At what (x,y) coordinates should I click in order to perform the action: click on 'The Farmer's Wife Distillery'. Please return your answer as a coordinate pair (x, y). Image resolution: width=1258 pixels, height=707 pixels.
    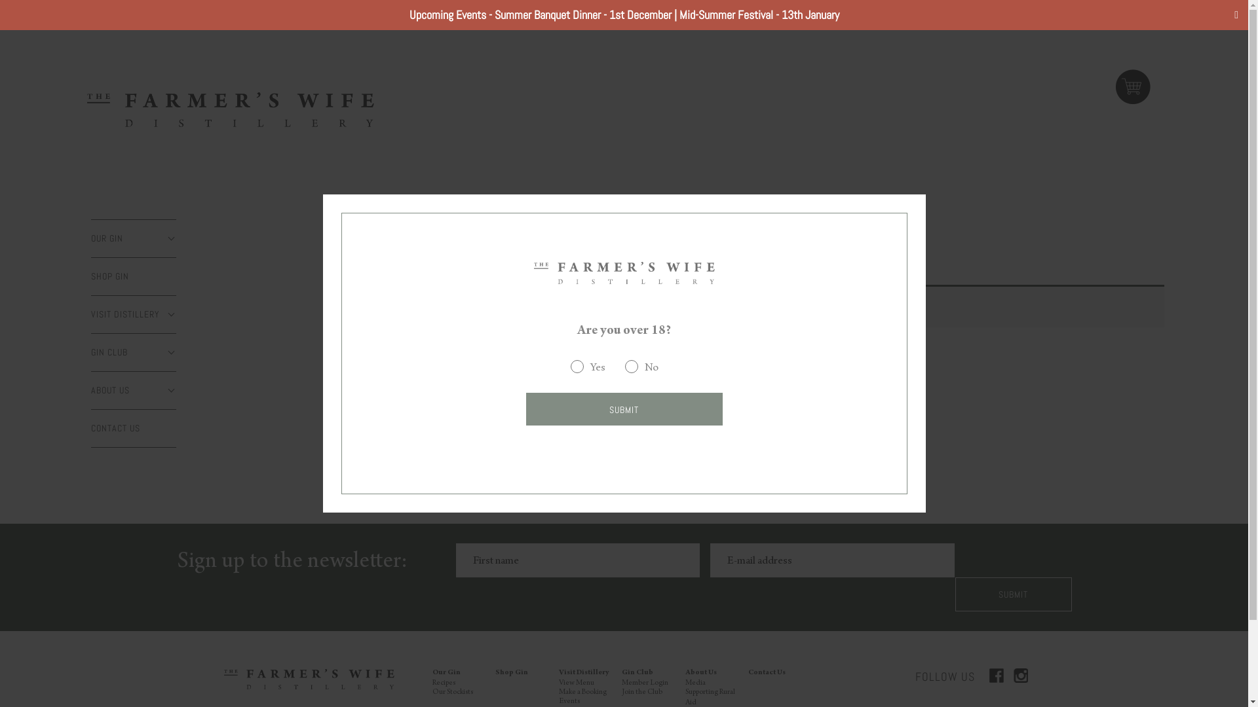
    Looking at the image, I should click on (230, 109).